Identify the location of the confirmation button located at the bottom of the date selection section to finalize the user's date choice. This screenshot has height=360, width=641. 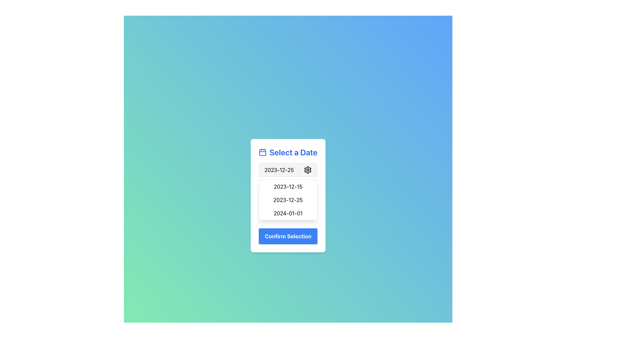
(288, 236).